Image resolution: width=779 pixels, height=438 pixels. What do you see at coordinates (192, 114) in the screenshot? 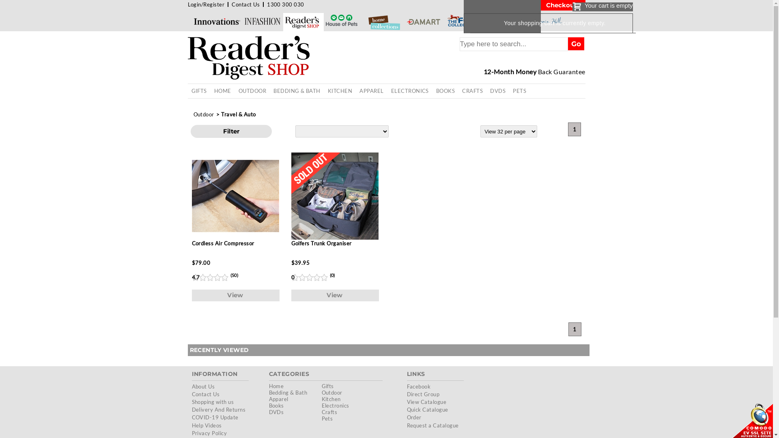
I see `'Outdoor'` at bounding box center [192, 114].